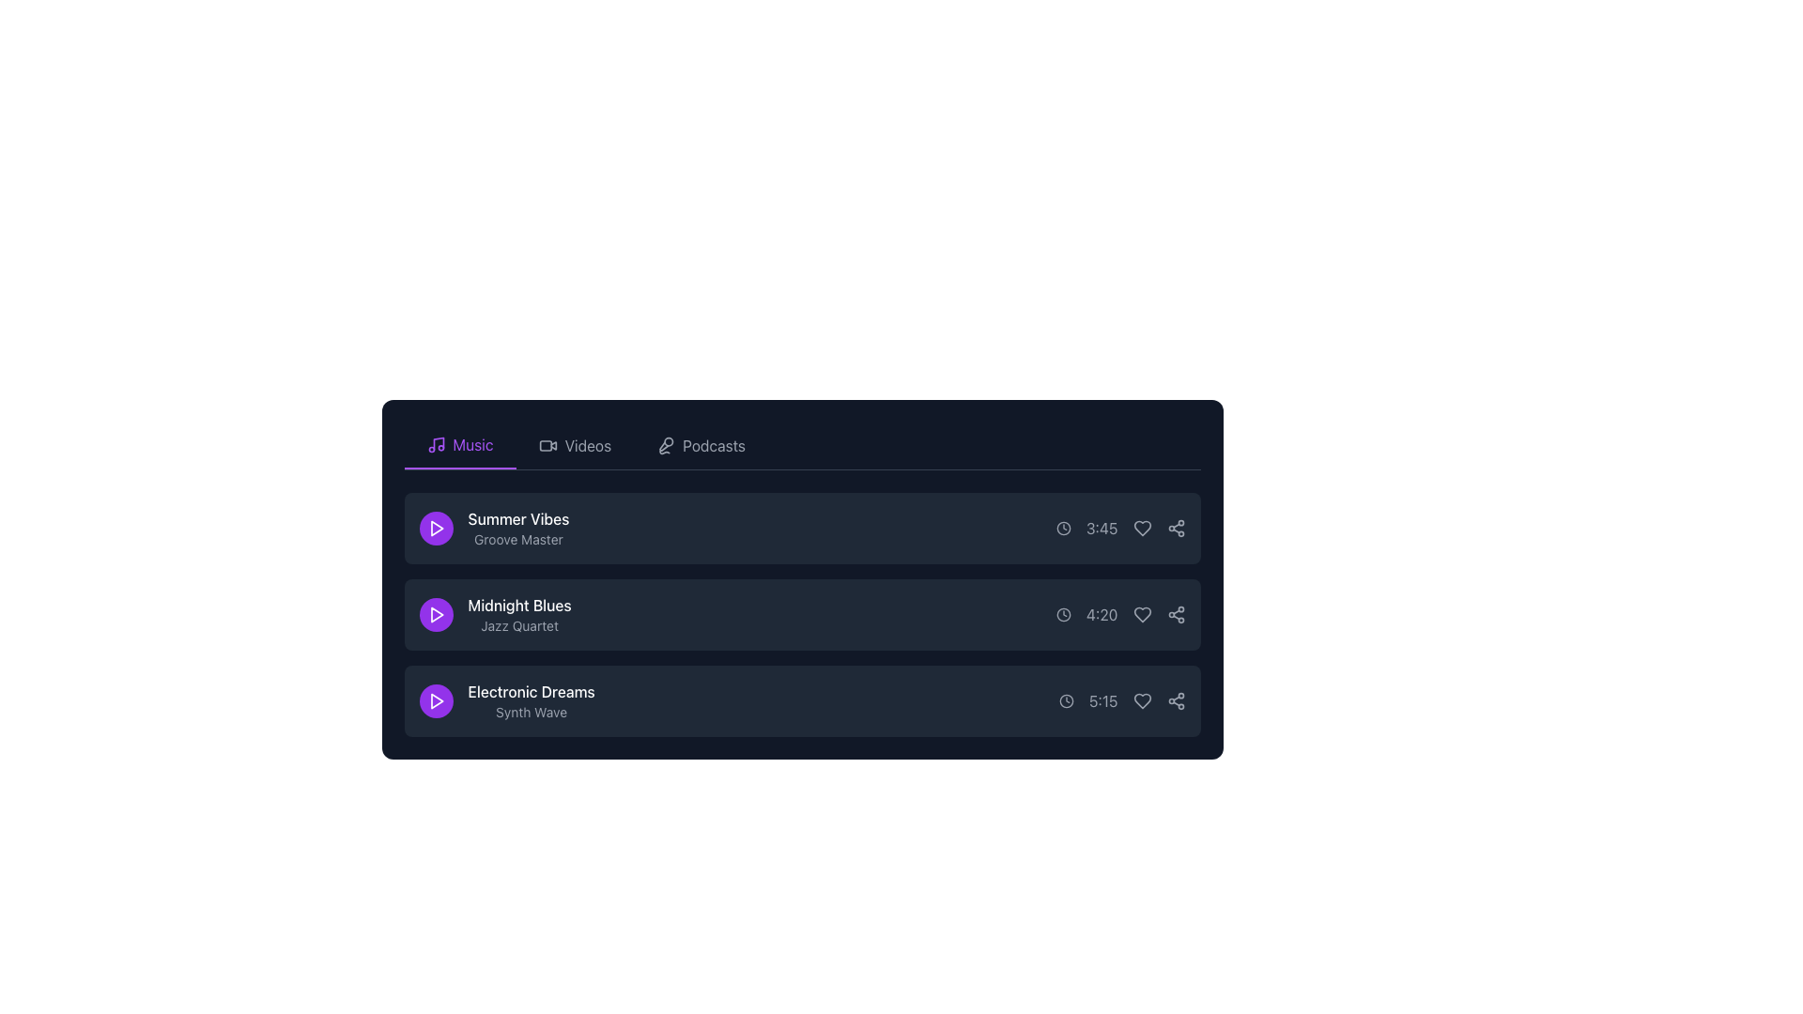  Describe the element at coordinates (1103, 701) in the screenshot. I see `displayed duration from the Label/Text Display showing '5:15' in light-gray color, positioned in the third row of the audio track list` at that location.